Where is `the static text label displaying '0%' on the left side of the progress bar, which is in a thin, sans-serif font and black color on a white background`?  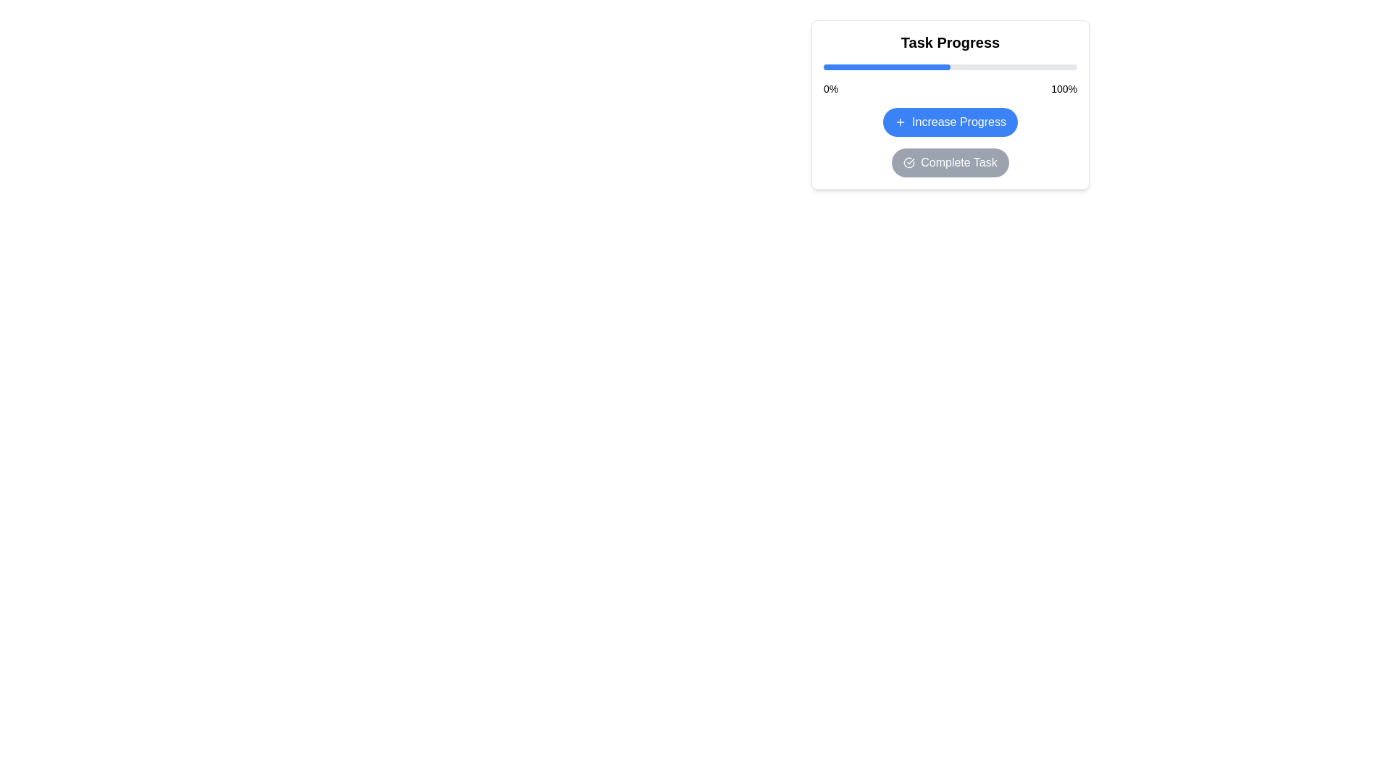
the static text label displaying '0%' on the left side of the progress bar, which is in a thin, sans-serif font and black color on a white background is located at coordinates (831, 89).